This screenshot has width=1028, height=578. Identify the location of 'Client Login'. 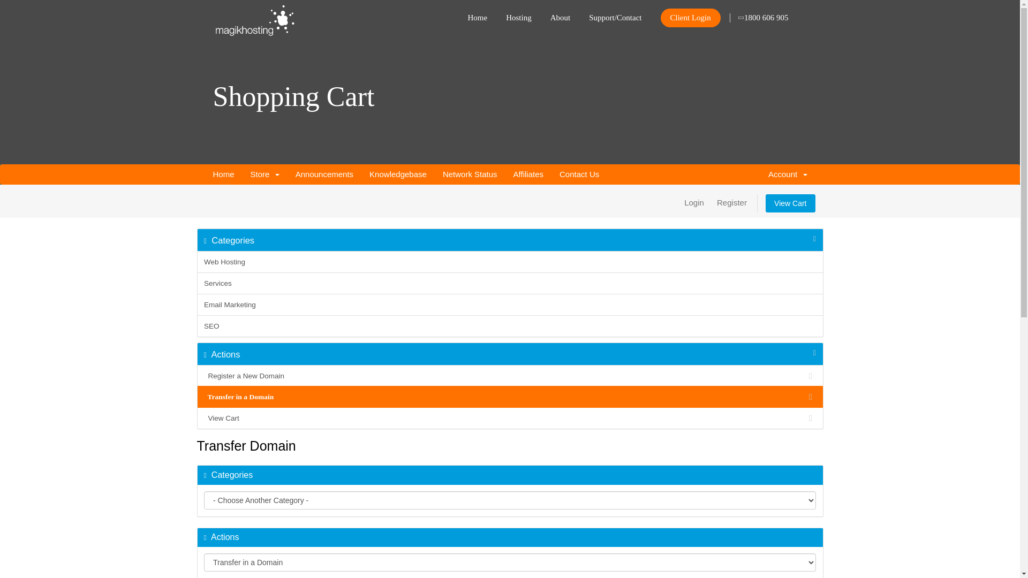
(691, 18).